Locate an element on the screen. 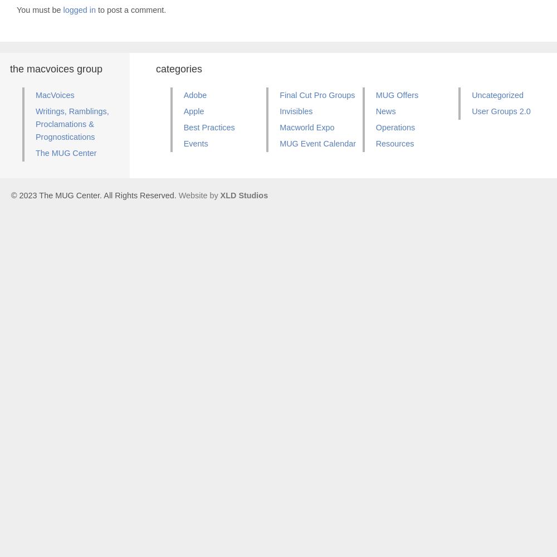 This screenshot has width=557, height=557. 'The MUG Center' is located at coordinates (35, 153).